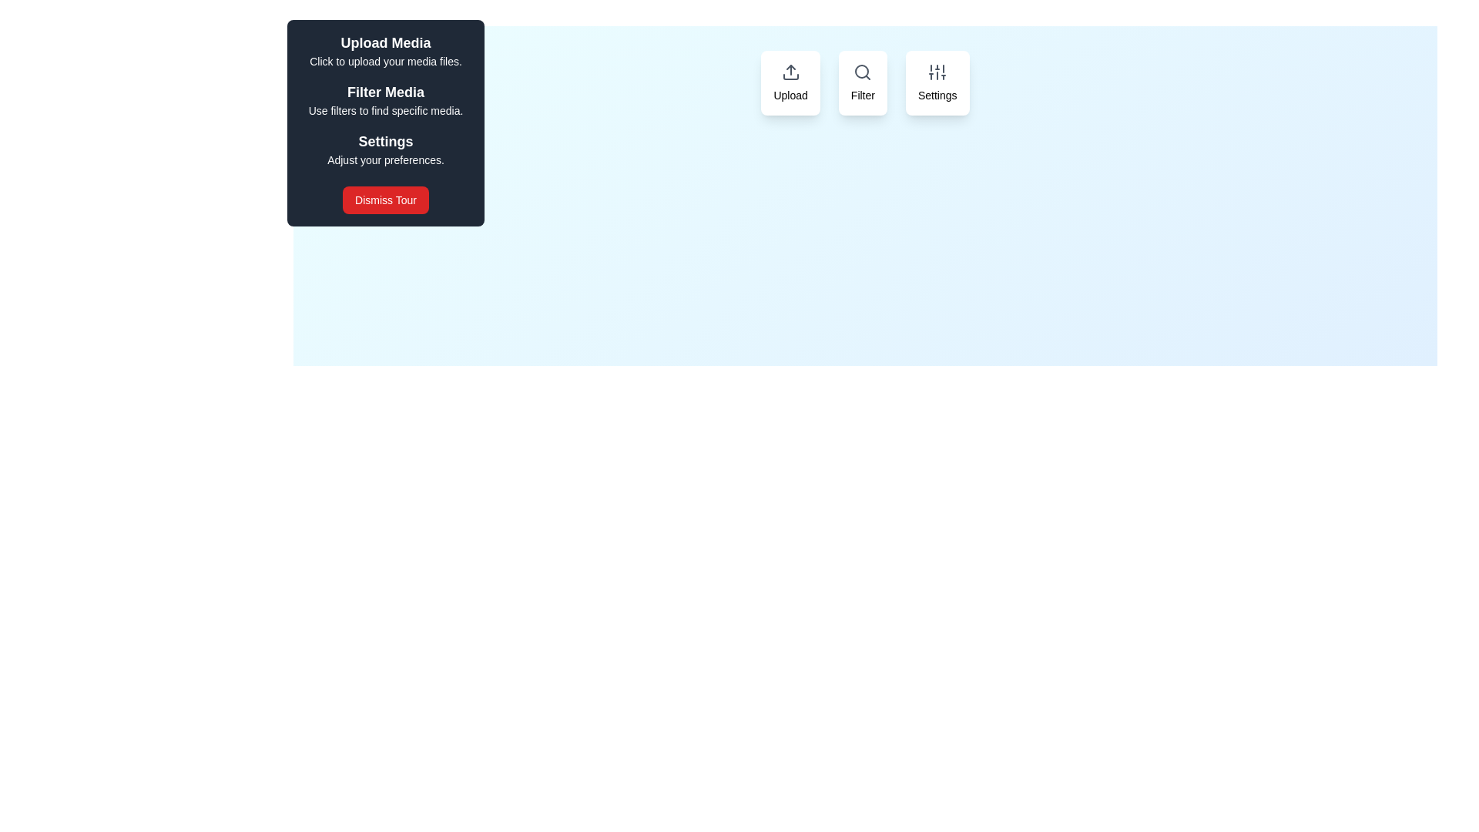  What do you see at coordinates (863, 72) in the screenshot?
I see `the minimalist magnifying glass icon located within the 'Filter' card, positioned above the text 'Filter'` at bounding box center [863, 72].